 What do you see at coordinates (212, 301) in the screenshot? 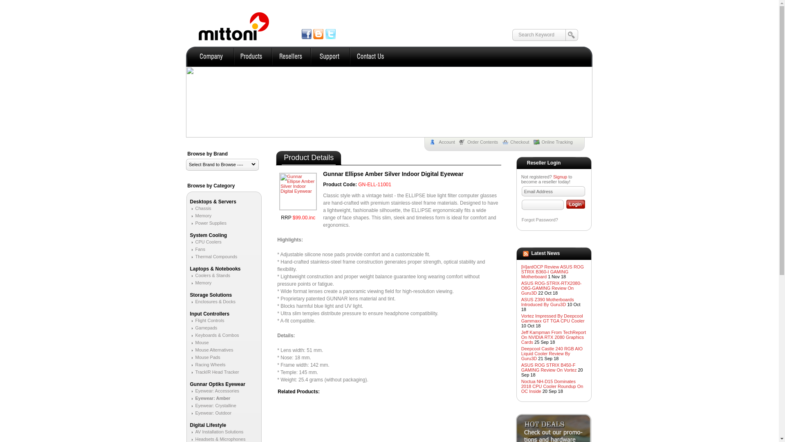
I see `'Enclosures & Docks'` at bounding box center [212, 301].